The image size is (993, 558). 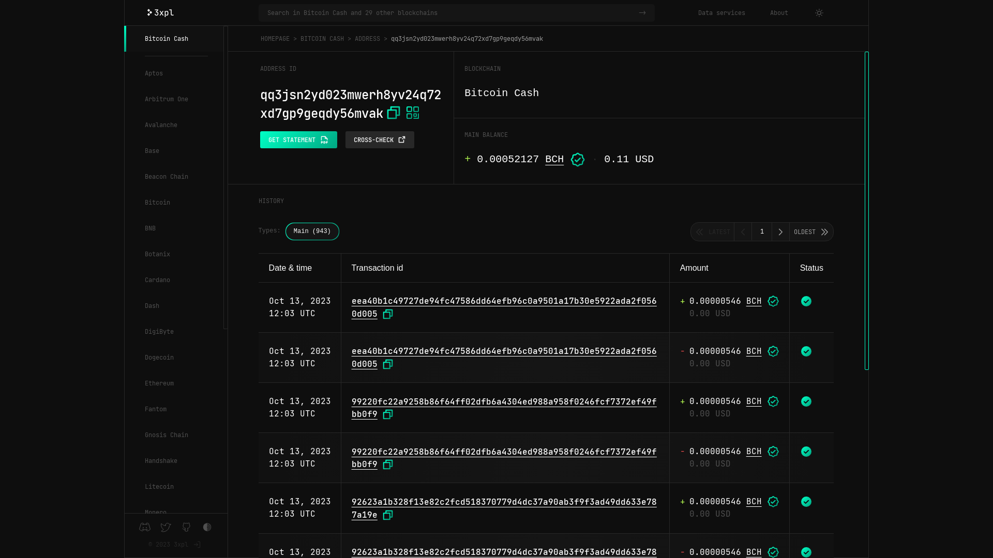 What do you see at coordinates (174, 99) in the screenshot?
I see `'Arbitrum One'` at bounding box center [174, 99].